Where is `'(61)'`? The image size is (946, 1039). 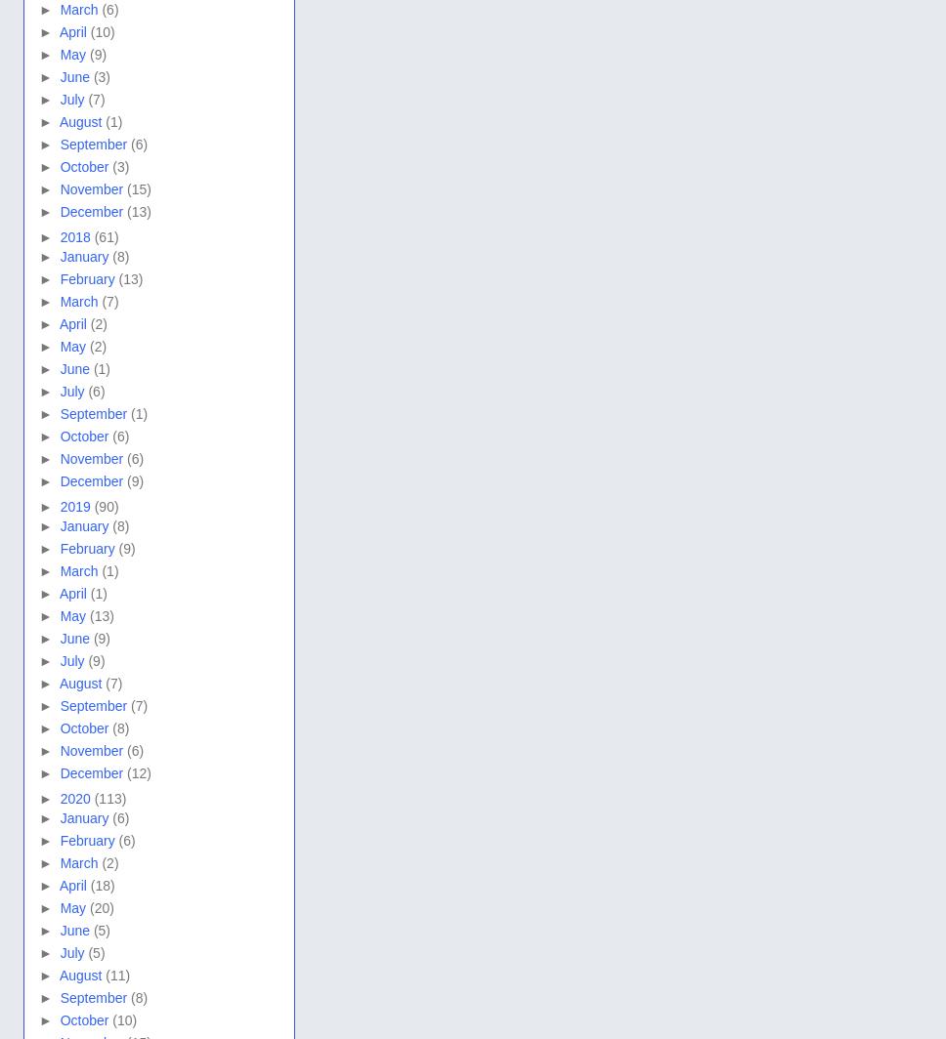 '(61)' is located at coordinates (106, 237).